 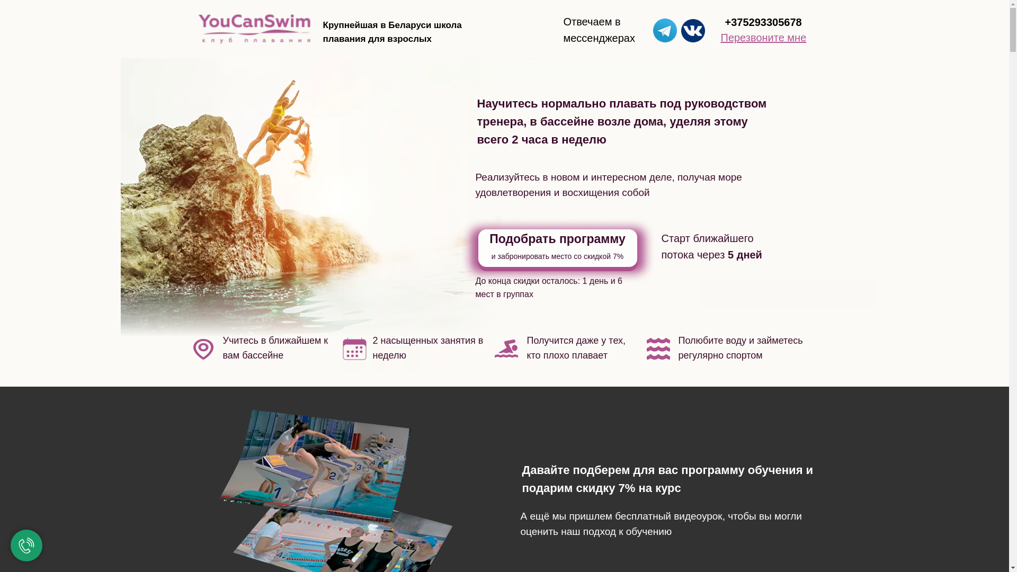 What do you see at coordinates (724, 22) in the screenshot?
I see `'+375293305678'` at bounding box center [724, 22].